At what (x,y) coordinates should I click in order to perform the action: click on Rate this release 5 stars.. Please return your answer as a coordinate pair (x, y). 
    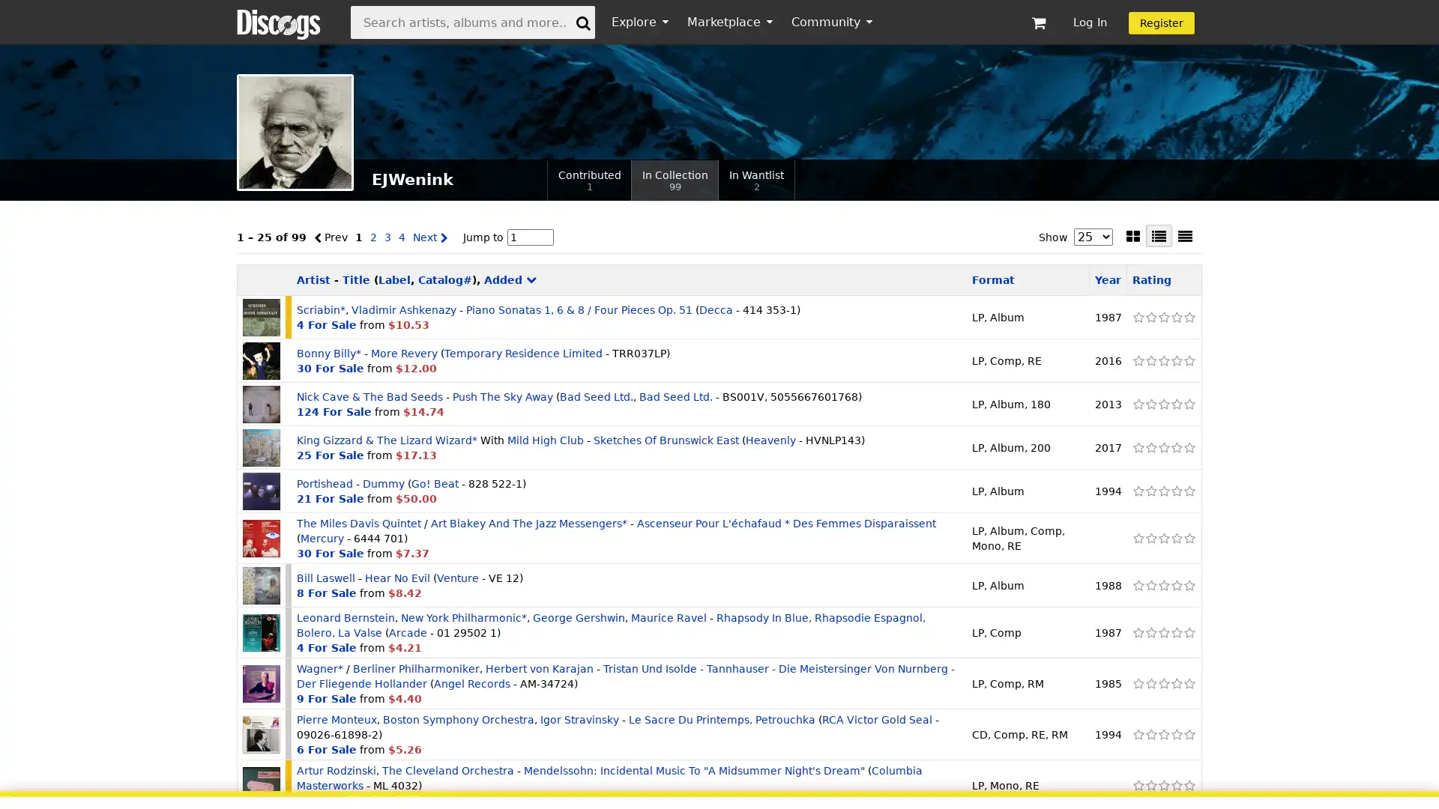
    Looking at the image, I should click on (1188, 632).